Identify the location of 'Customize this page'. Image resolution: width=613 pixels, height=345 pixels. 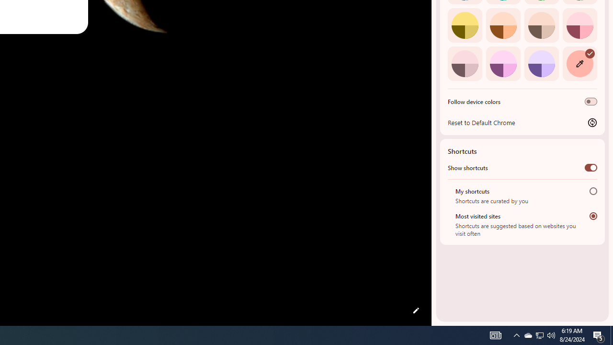
(416, 310).